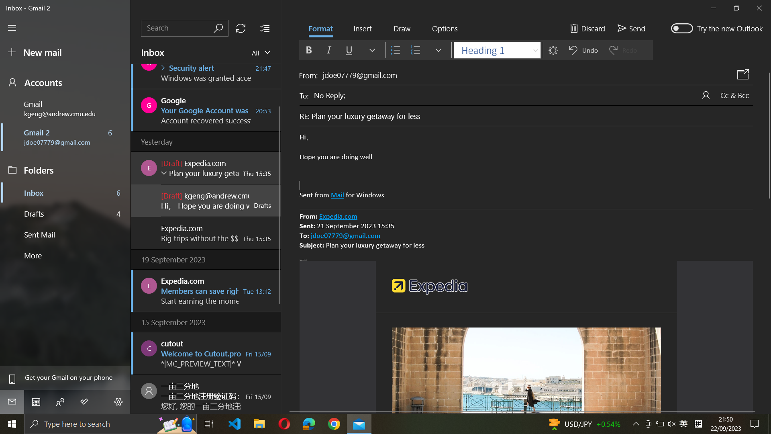 This screenshot has height=434, width=771. Describe the element at coordinates (533, 94) in the screenshot. I see `Update the existing email receiver to "xyz@example.com` at that location.